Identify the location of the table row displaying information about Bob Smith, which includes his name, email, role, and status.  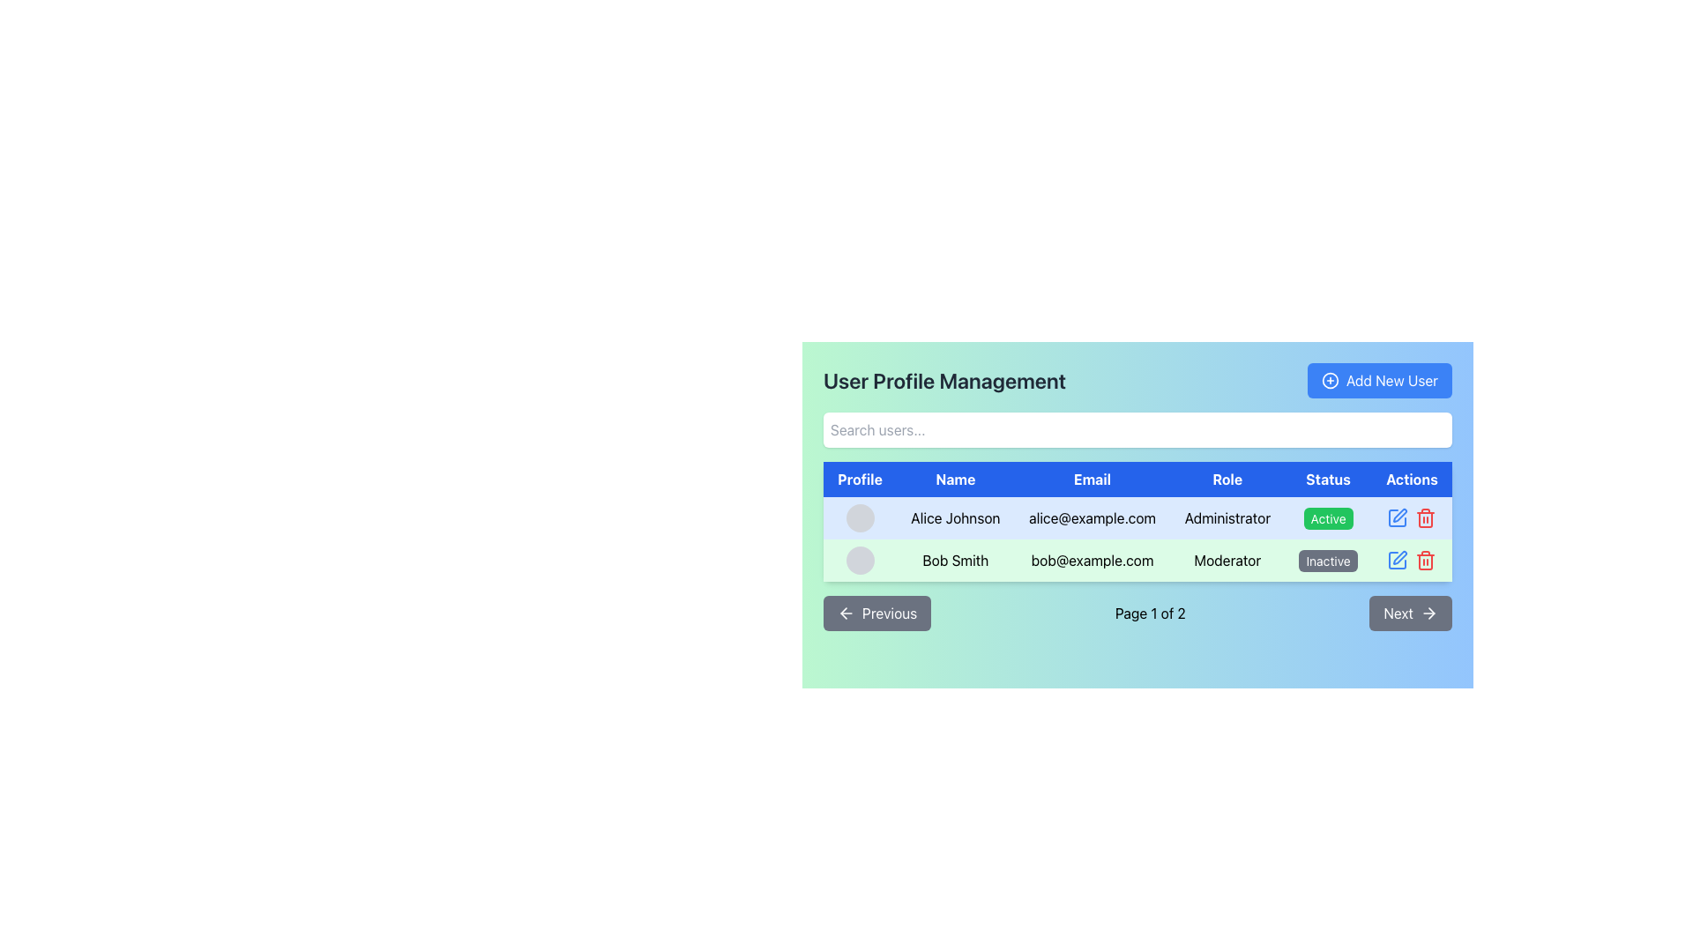
(1137, 539).